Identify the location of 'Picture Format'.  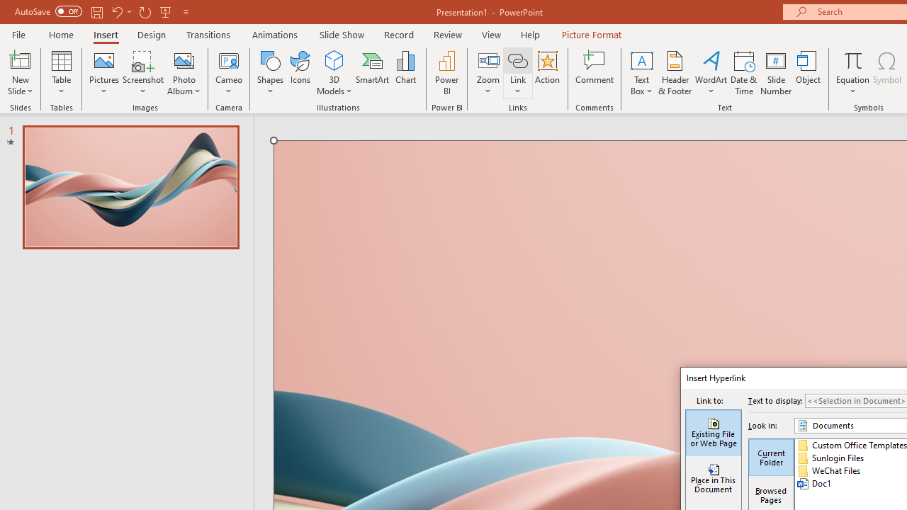
(592, 34).